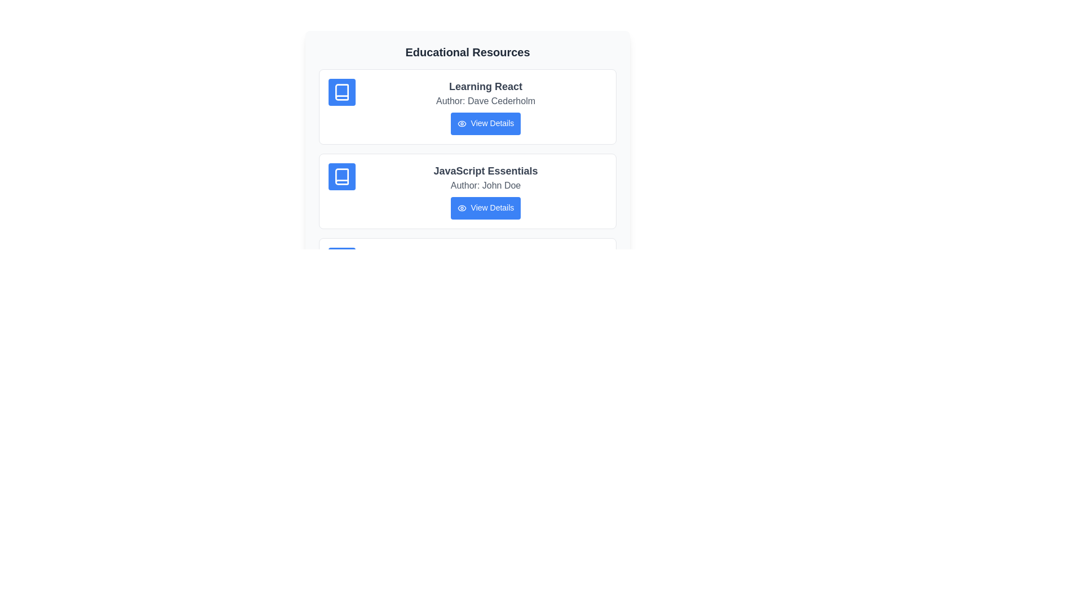 This screenshot has width=1082, height=608. What do you see at coordinates (341, 92) in the screenshot?
I see `the icon associated with the resource Learning React` at bounding box center [341, 92].